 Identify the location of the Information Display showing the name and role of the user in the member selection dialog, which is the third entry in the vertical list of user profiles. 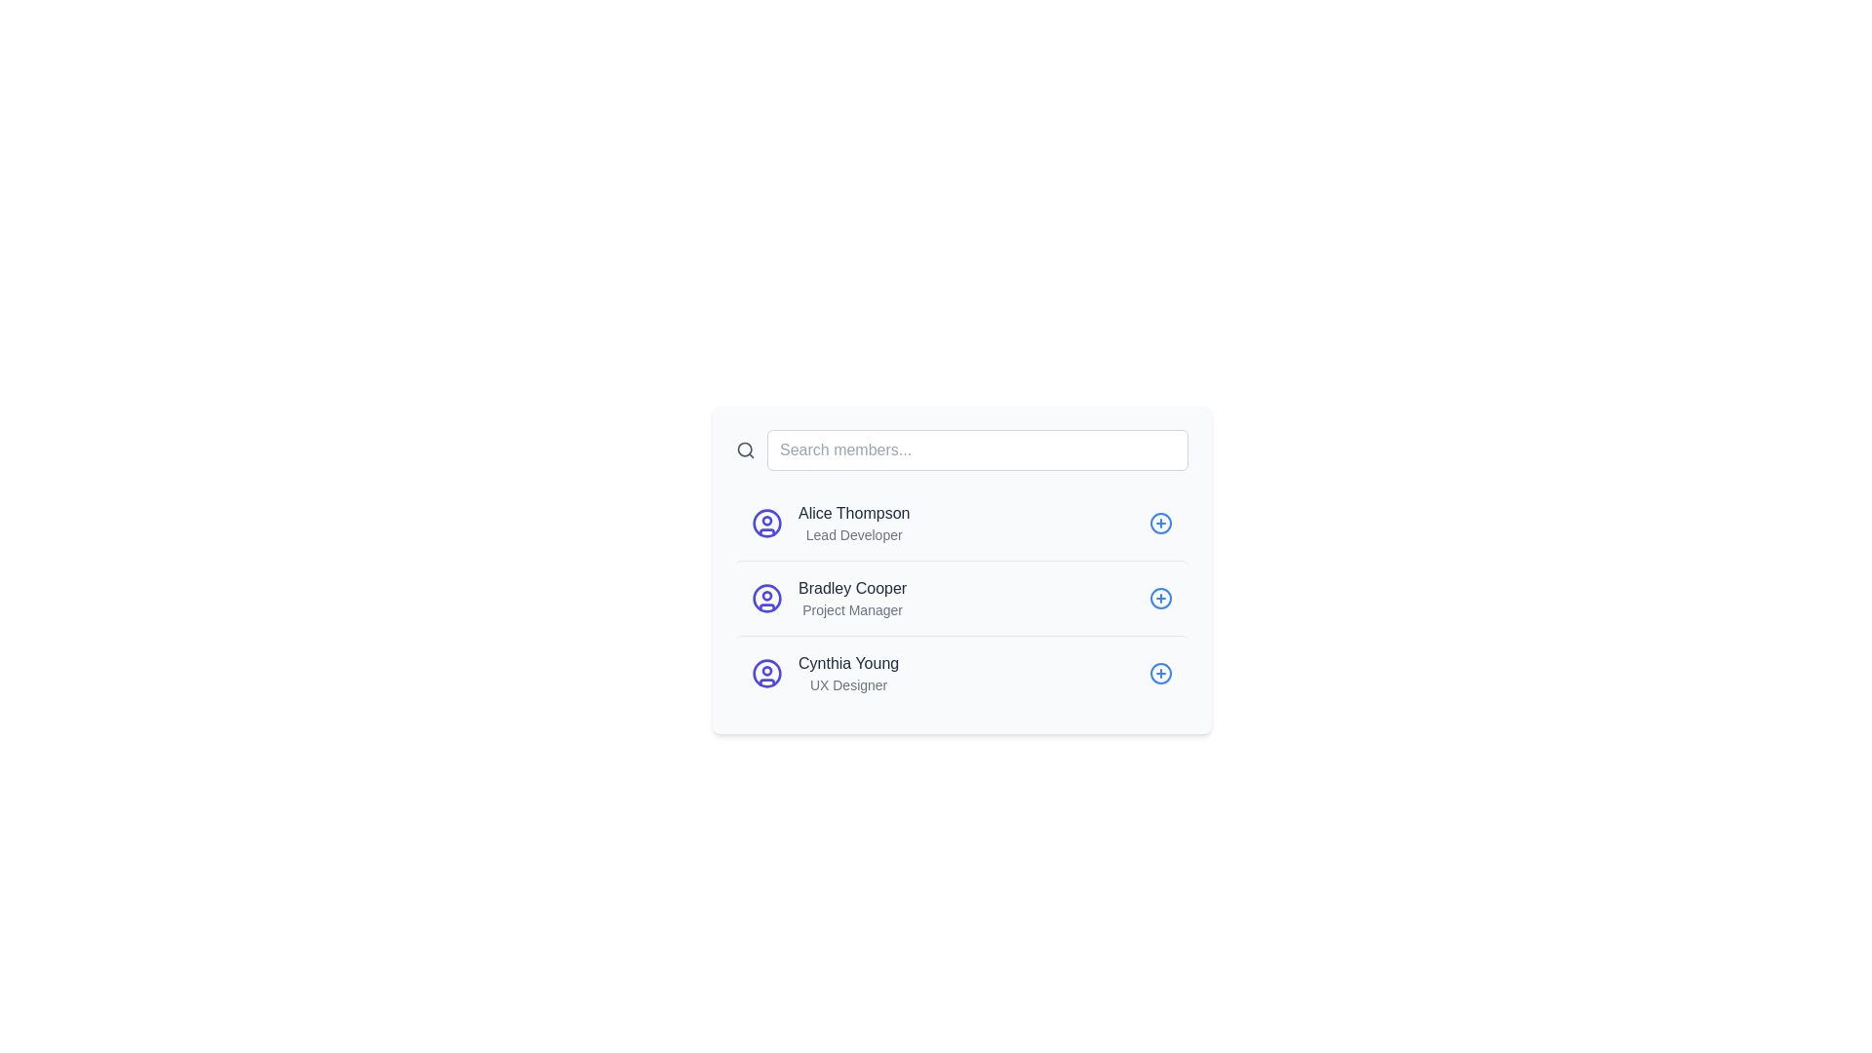
(848, 672).